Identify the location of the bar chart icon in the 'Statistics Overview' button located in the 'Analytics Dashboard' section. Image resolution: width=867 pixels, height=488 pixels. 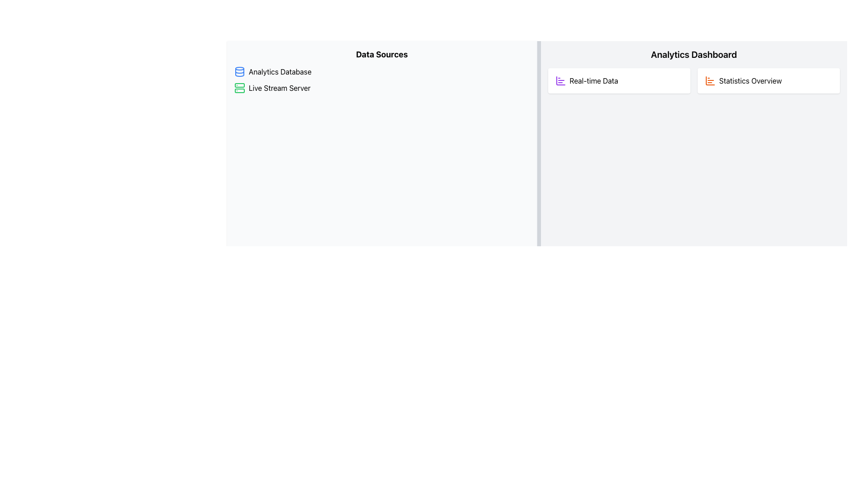
(709, 80).